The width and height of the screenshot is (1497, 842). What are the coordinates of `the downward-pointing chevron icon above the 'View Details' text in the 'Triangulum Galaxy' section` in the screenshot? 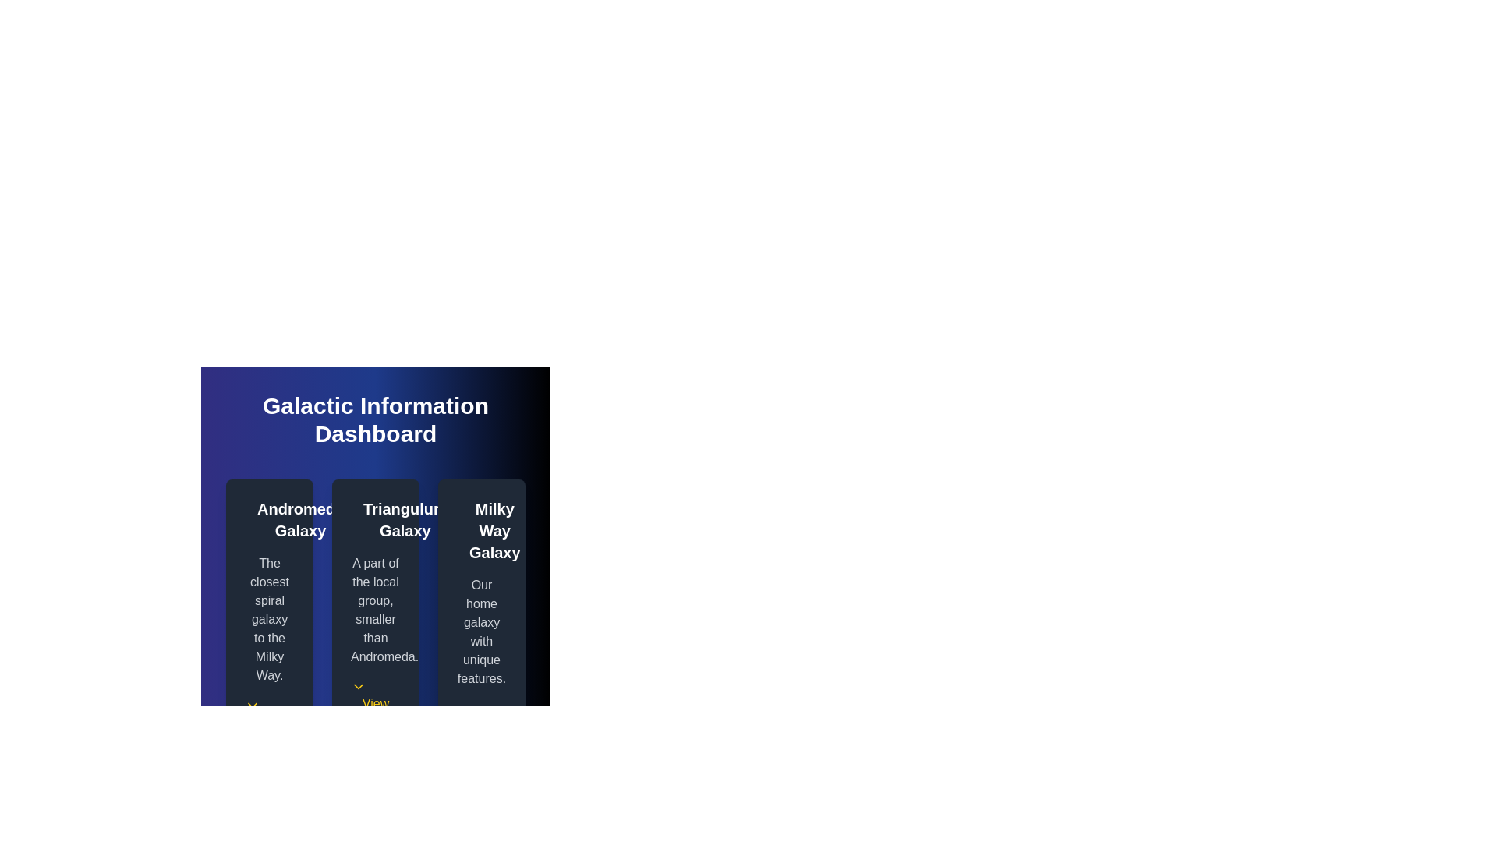 It's located at (358, 685).